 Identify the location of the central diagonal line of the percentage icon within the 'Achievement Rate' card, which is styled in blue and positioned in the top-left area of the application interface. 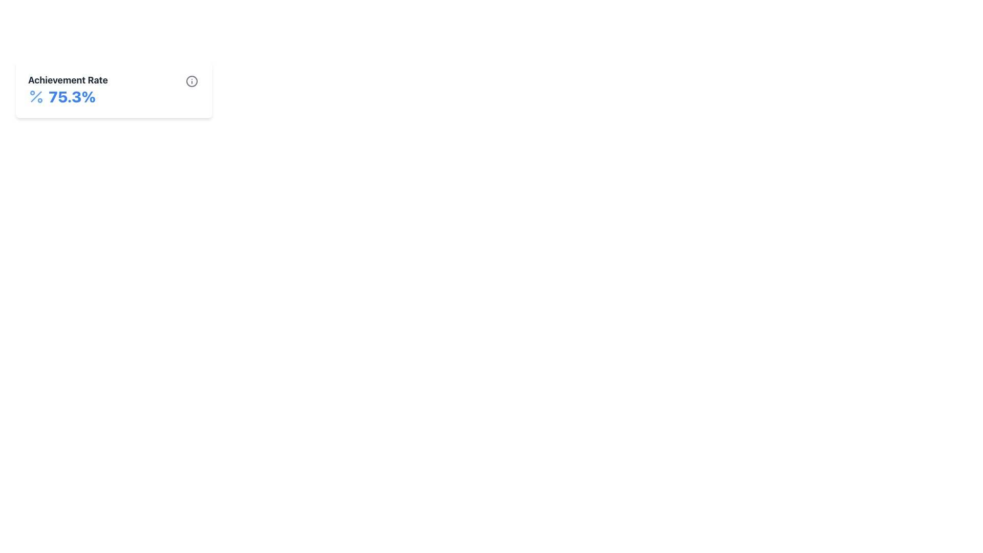
(36, 97).